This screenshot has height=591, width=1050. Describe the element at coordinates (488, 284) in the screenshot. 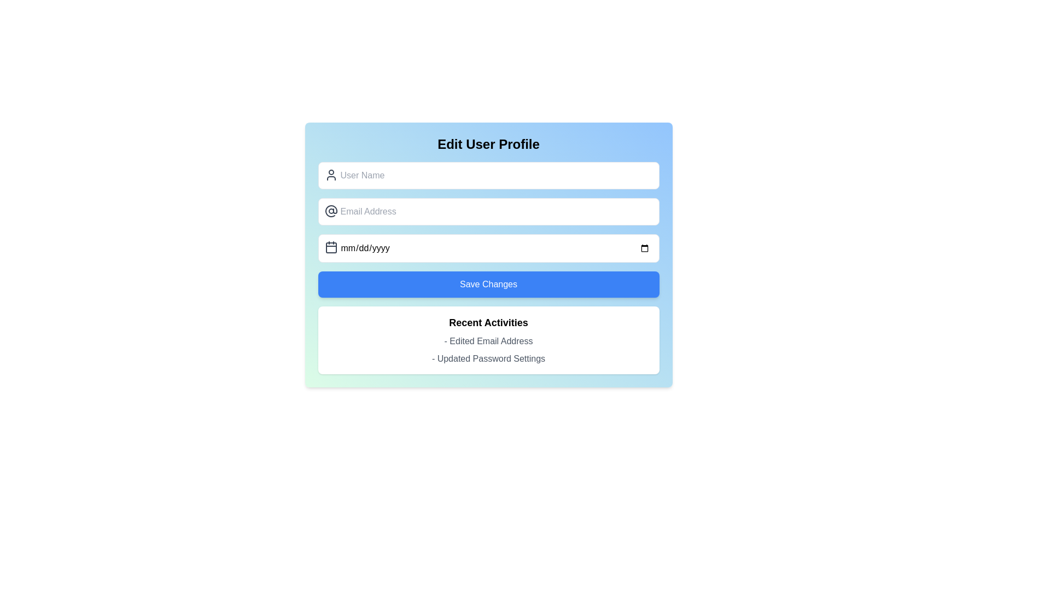

I see `the 'Save Changes' button` at that location.